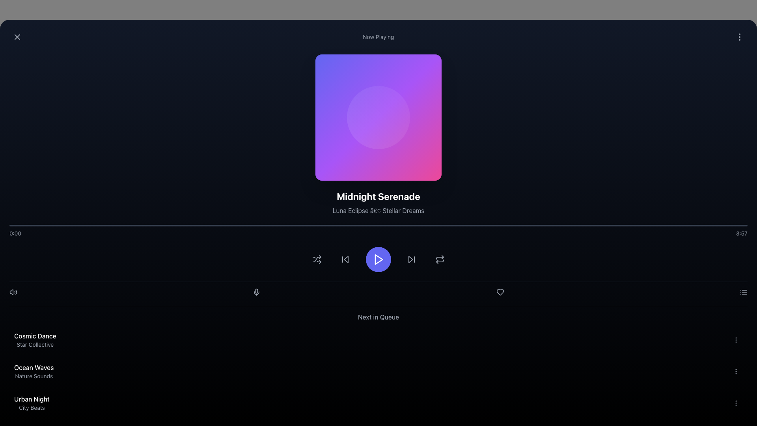  I want to click on the vertical ellipsis icon, which consists of three small gray circular dots aligned vertically in the top-right corner of the dark-themed interface, so click(739, 37).